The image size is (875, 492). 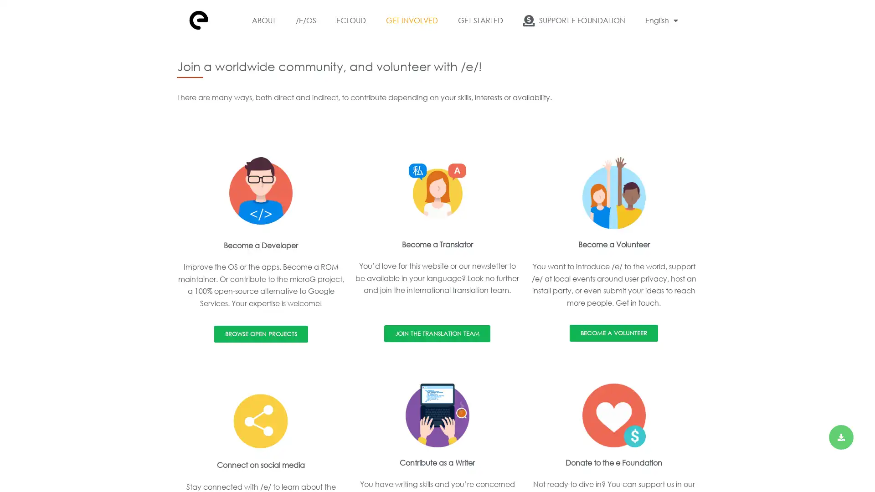 I want to click on BROWSE OPEN PROJECTS, so click(x=260, y=334).